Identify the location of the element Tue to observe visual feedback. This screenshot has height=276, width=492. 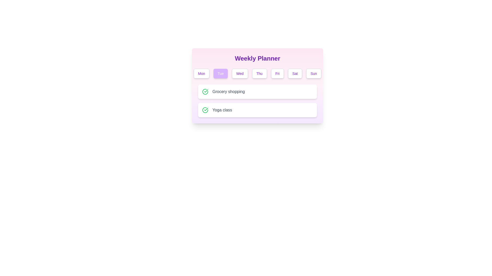
(220, 74).